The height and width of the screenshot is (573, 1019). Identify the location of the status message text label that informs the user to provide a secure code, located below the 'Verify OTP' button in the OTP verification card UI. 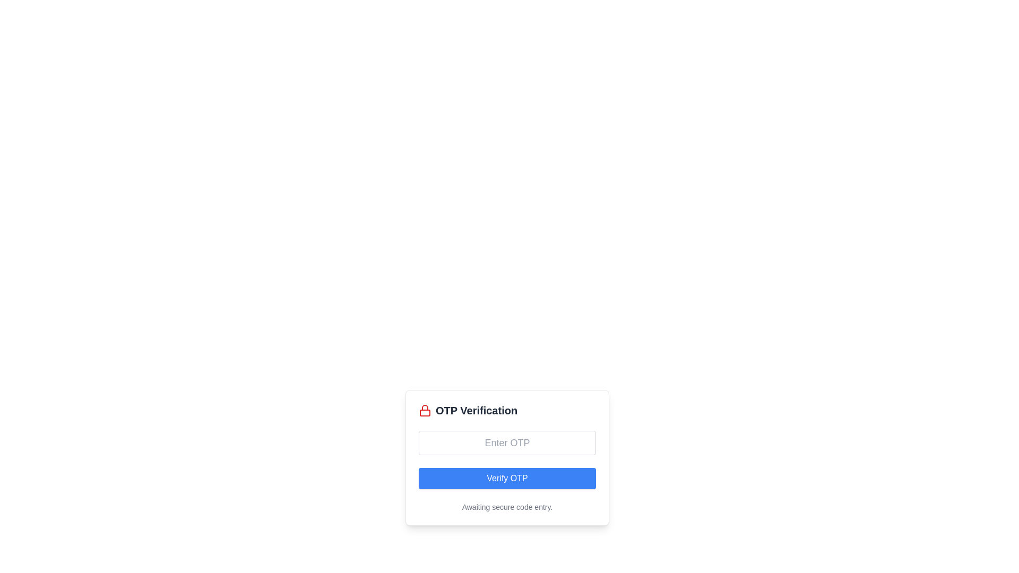
(506, 507).